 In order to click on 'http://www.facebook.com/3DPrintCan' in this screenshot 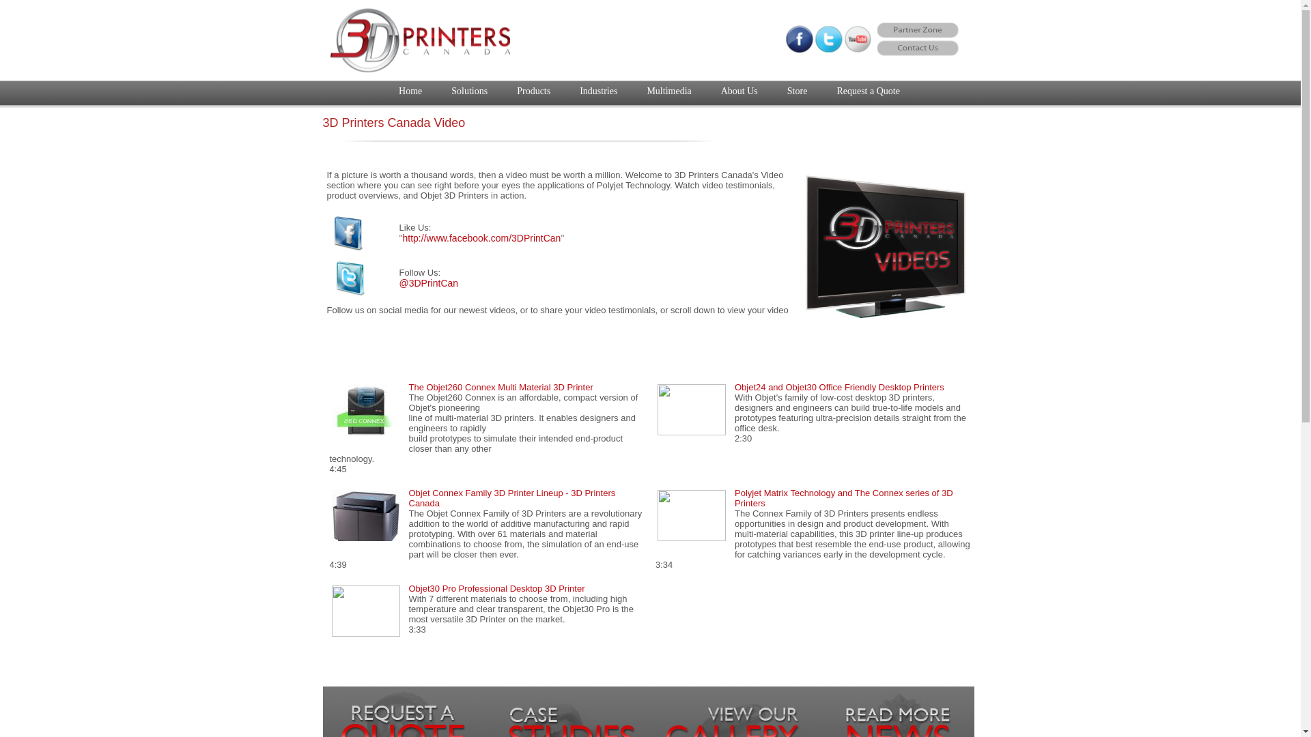, I will do `click(481, 238)`.